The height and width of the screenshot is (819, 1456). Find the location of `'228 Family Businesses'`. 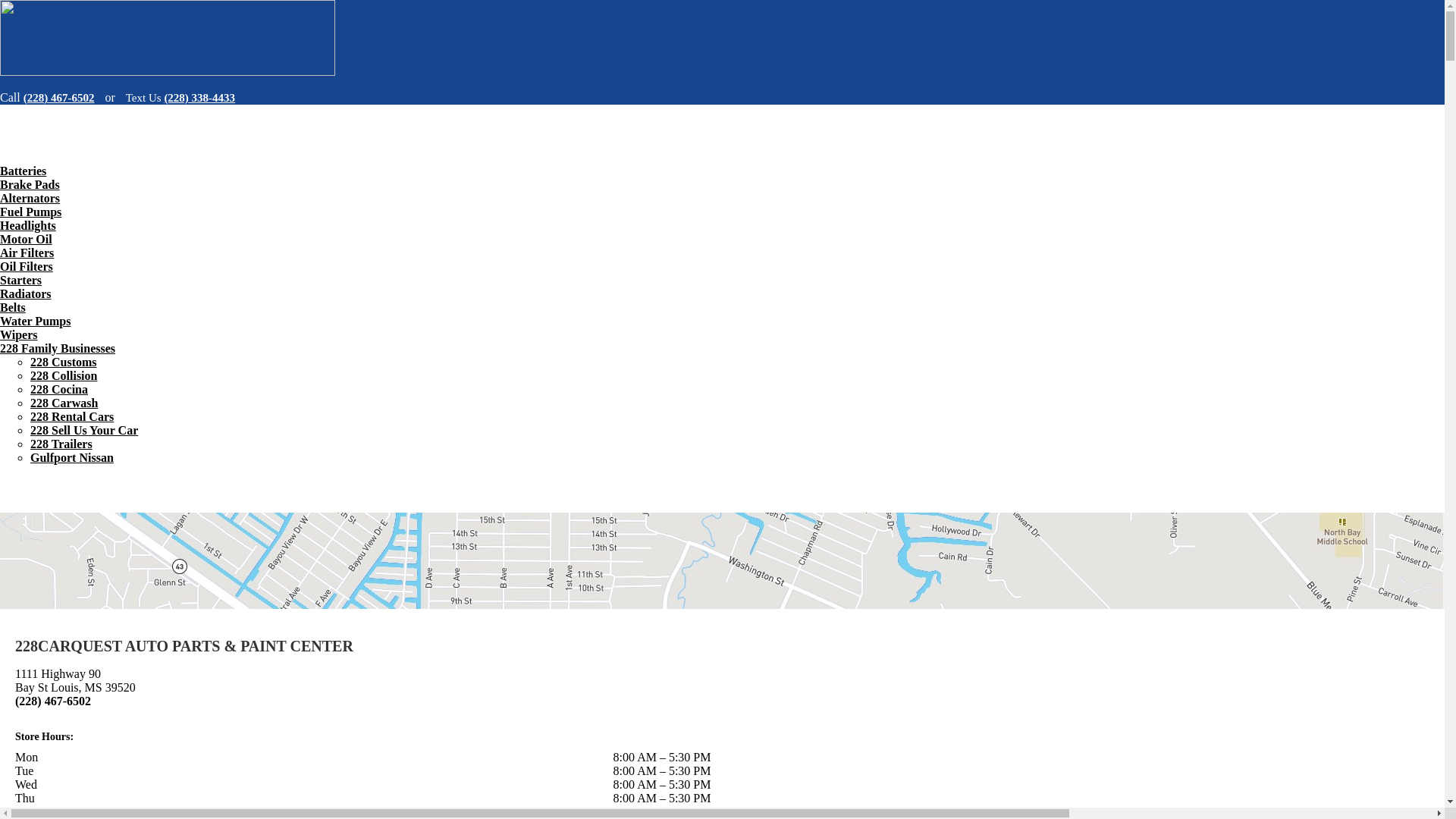

'228 Family Businesses' is located at coordinates (58, 348).